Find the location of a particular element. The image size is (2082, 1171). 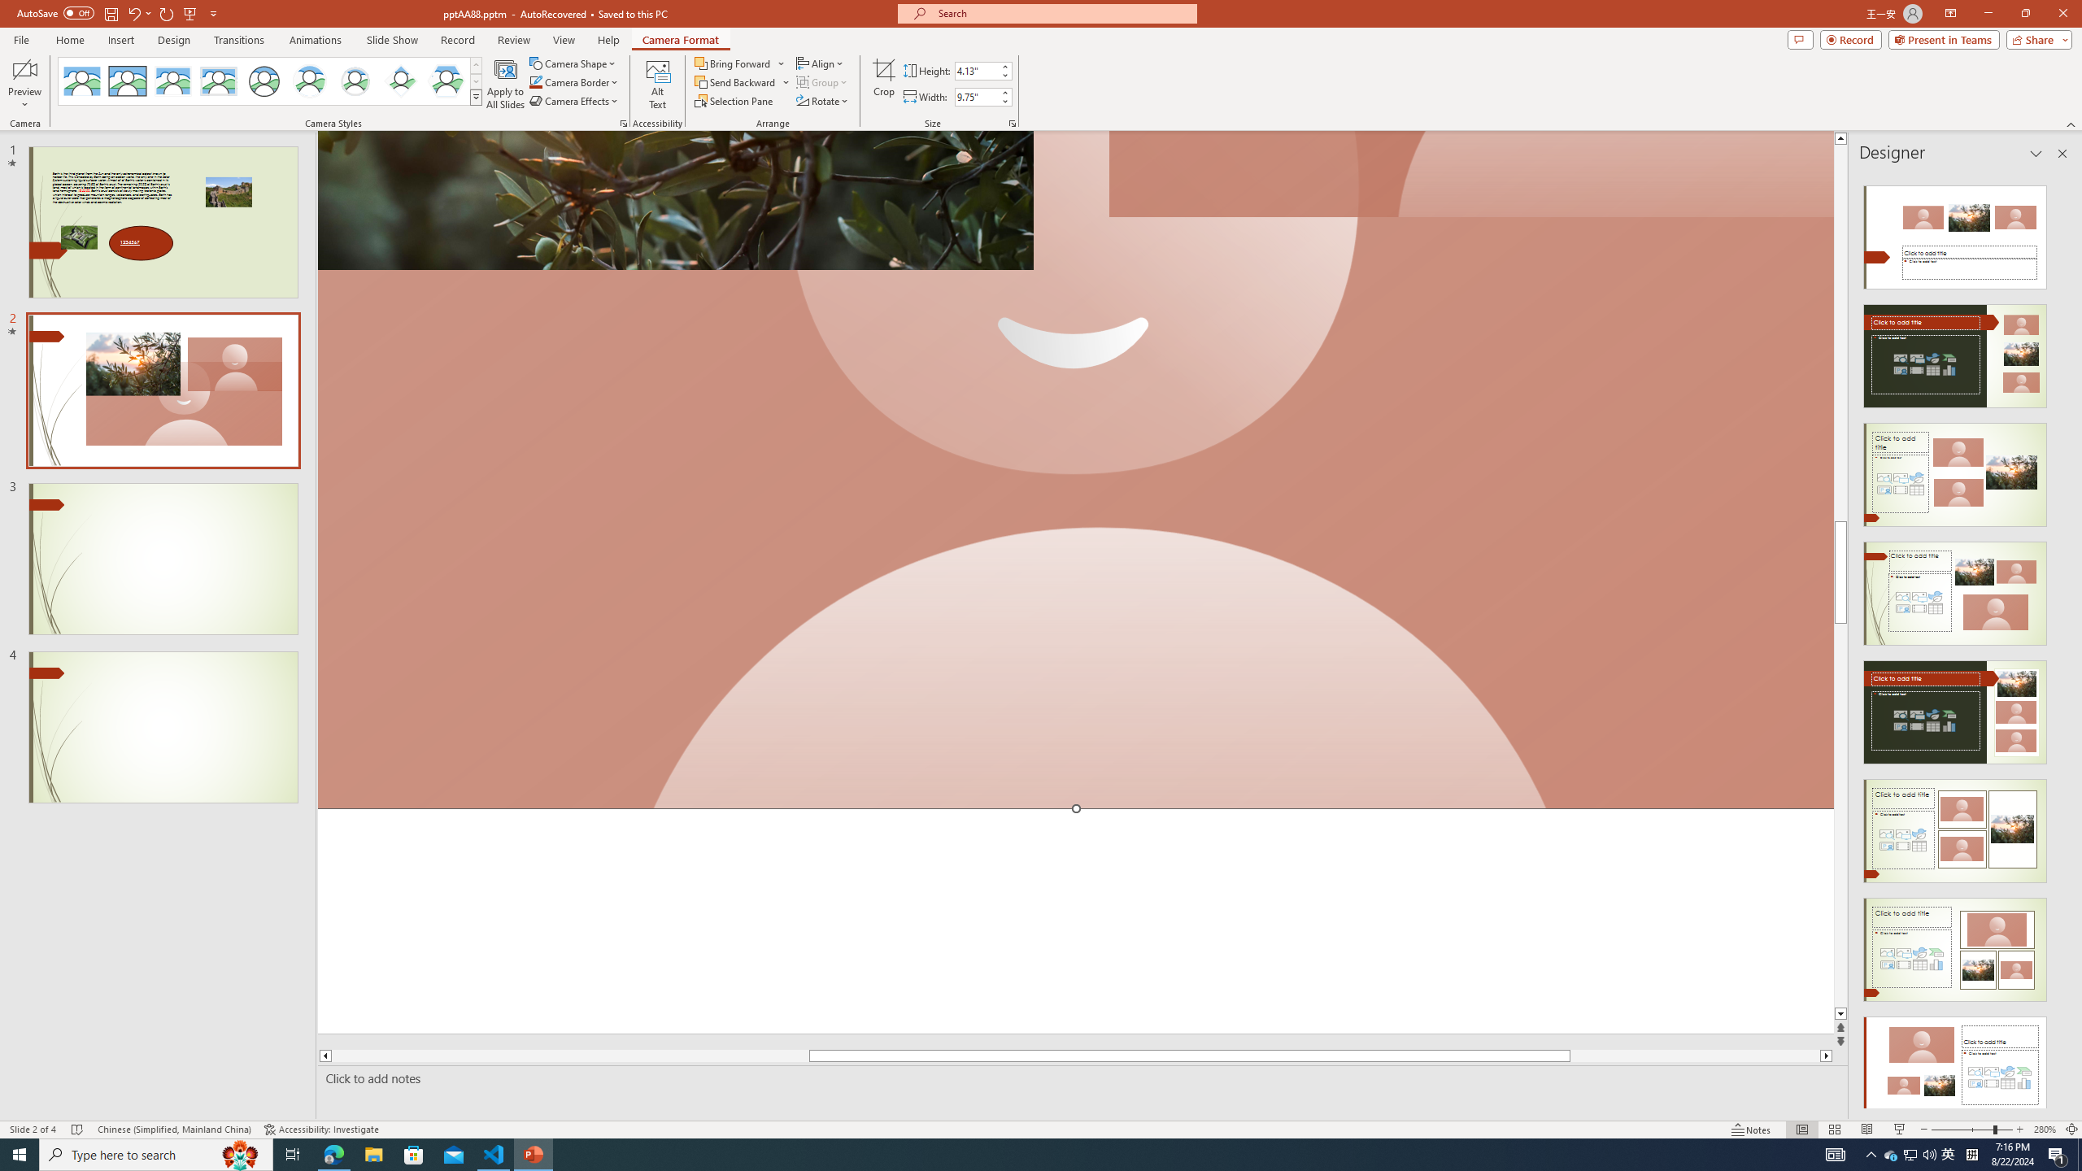

'No Style' is located at coordinates (82, 81).